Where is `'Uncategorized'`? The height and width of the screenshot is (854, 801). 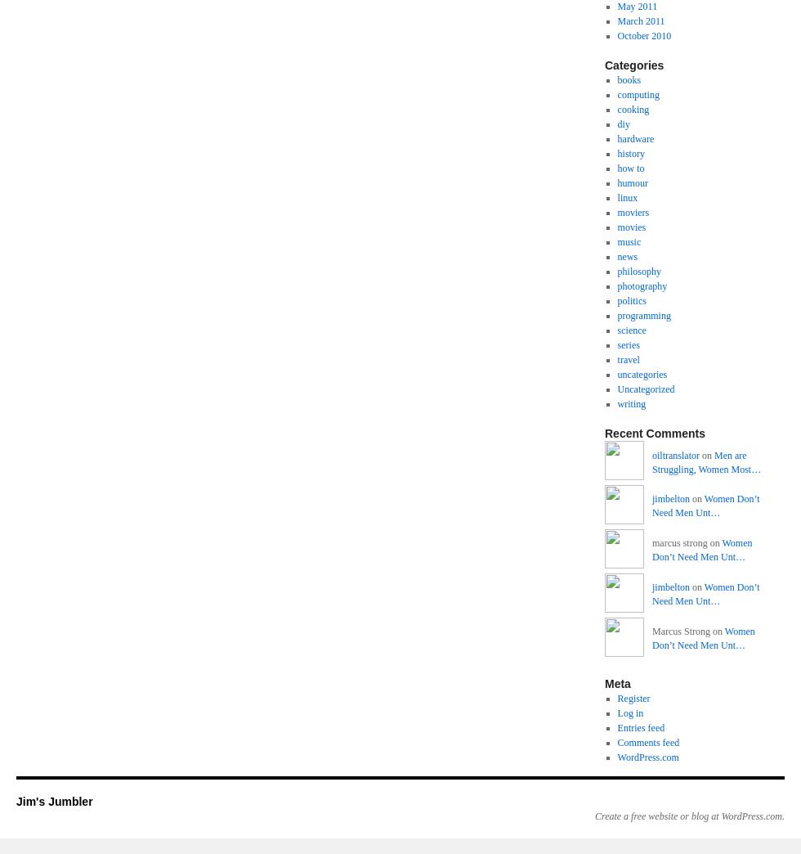 'Uncategorized' is located at coordinates (645, 389).